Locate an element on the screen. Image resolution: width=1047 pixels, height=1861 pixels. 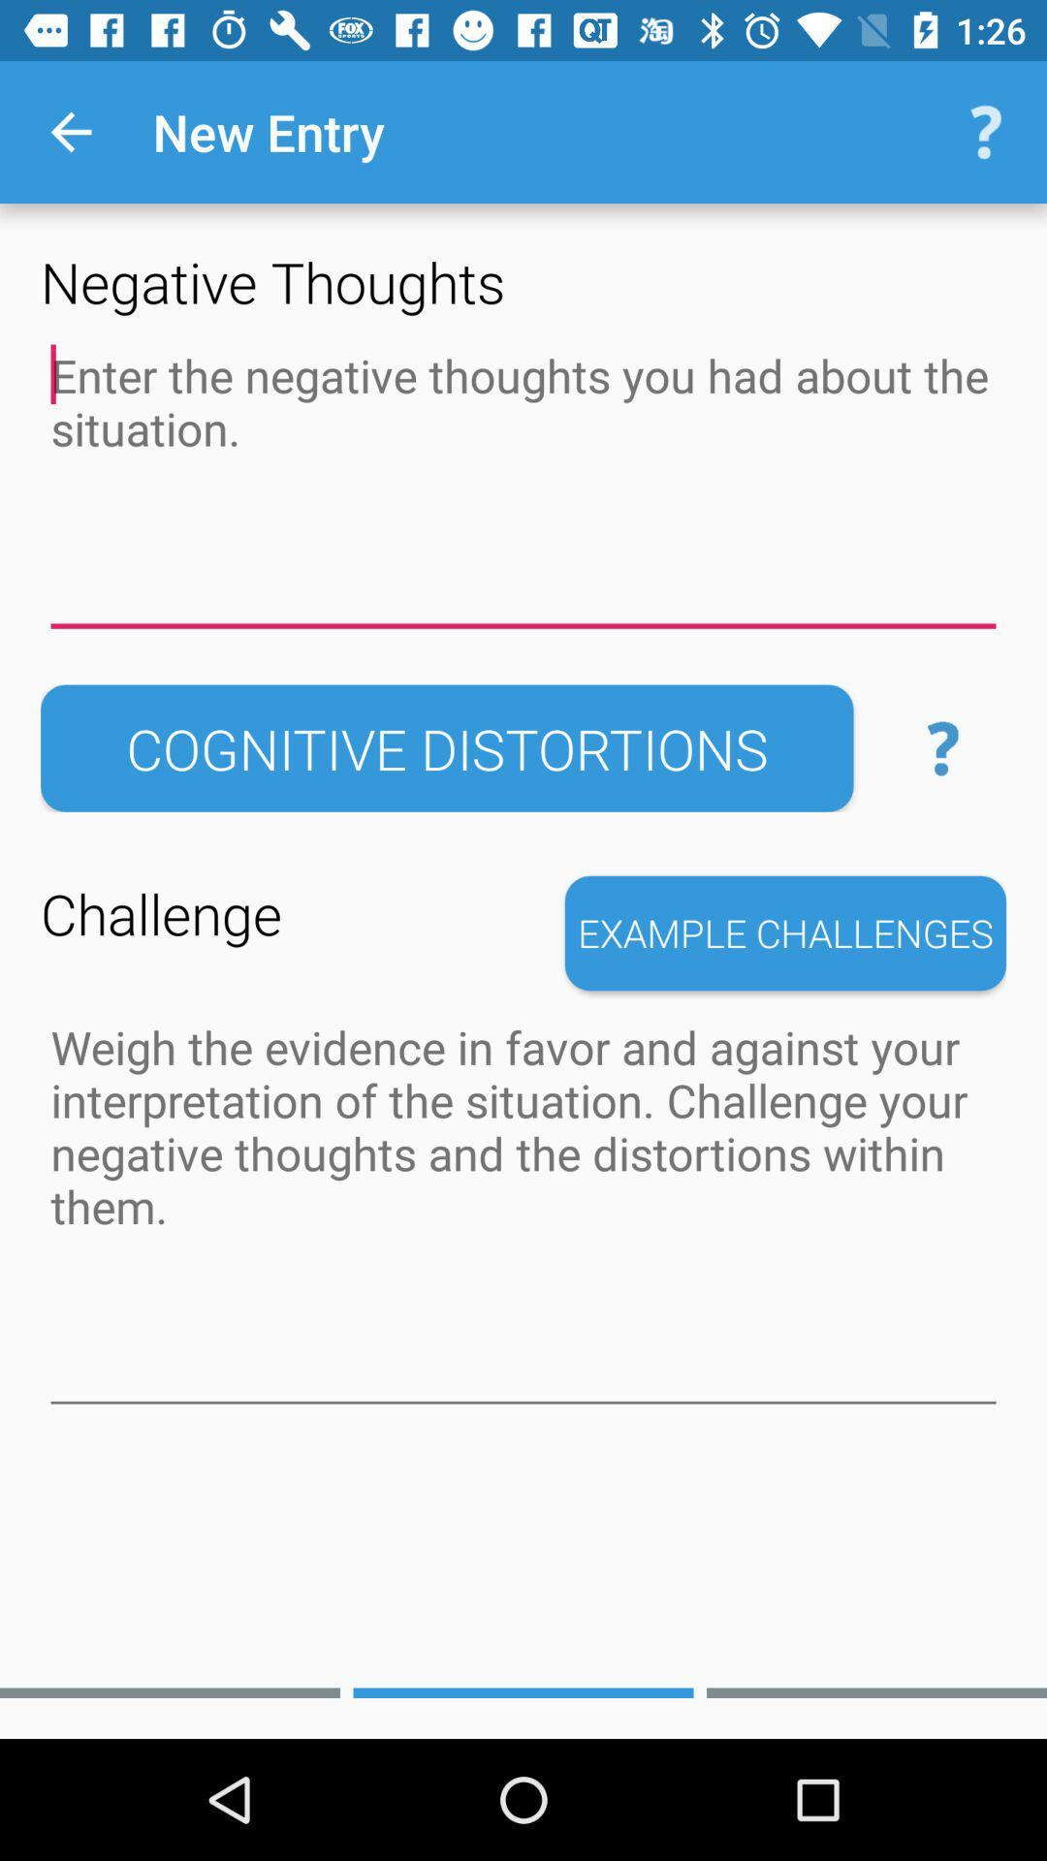
the example challenges icon is located at coordinates (785, 933).